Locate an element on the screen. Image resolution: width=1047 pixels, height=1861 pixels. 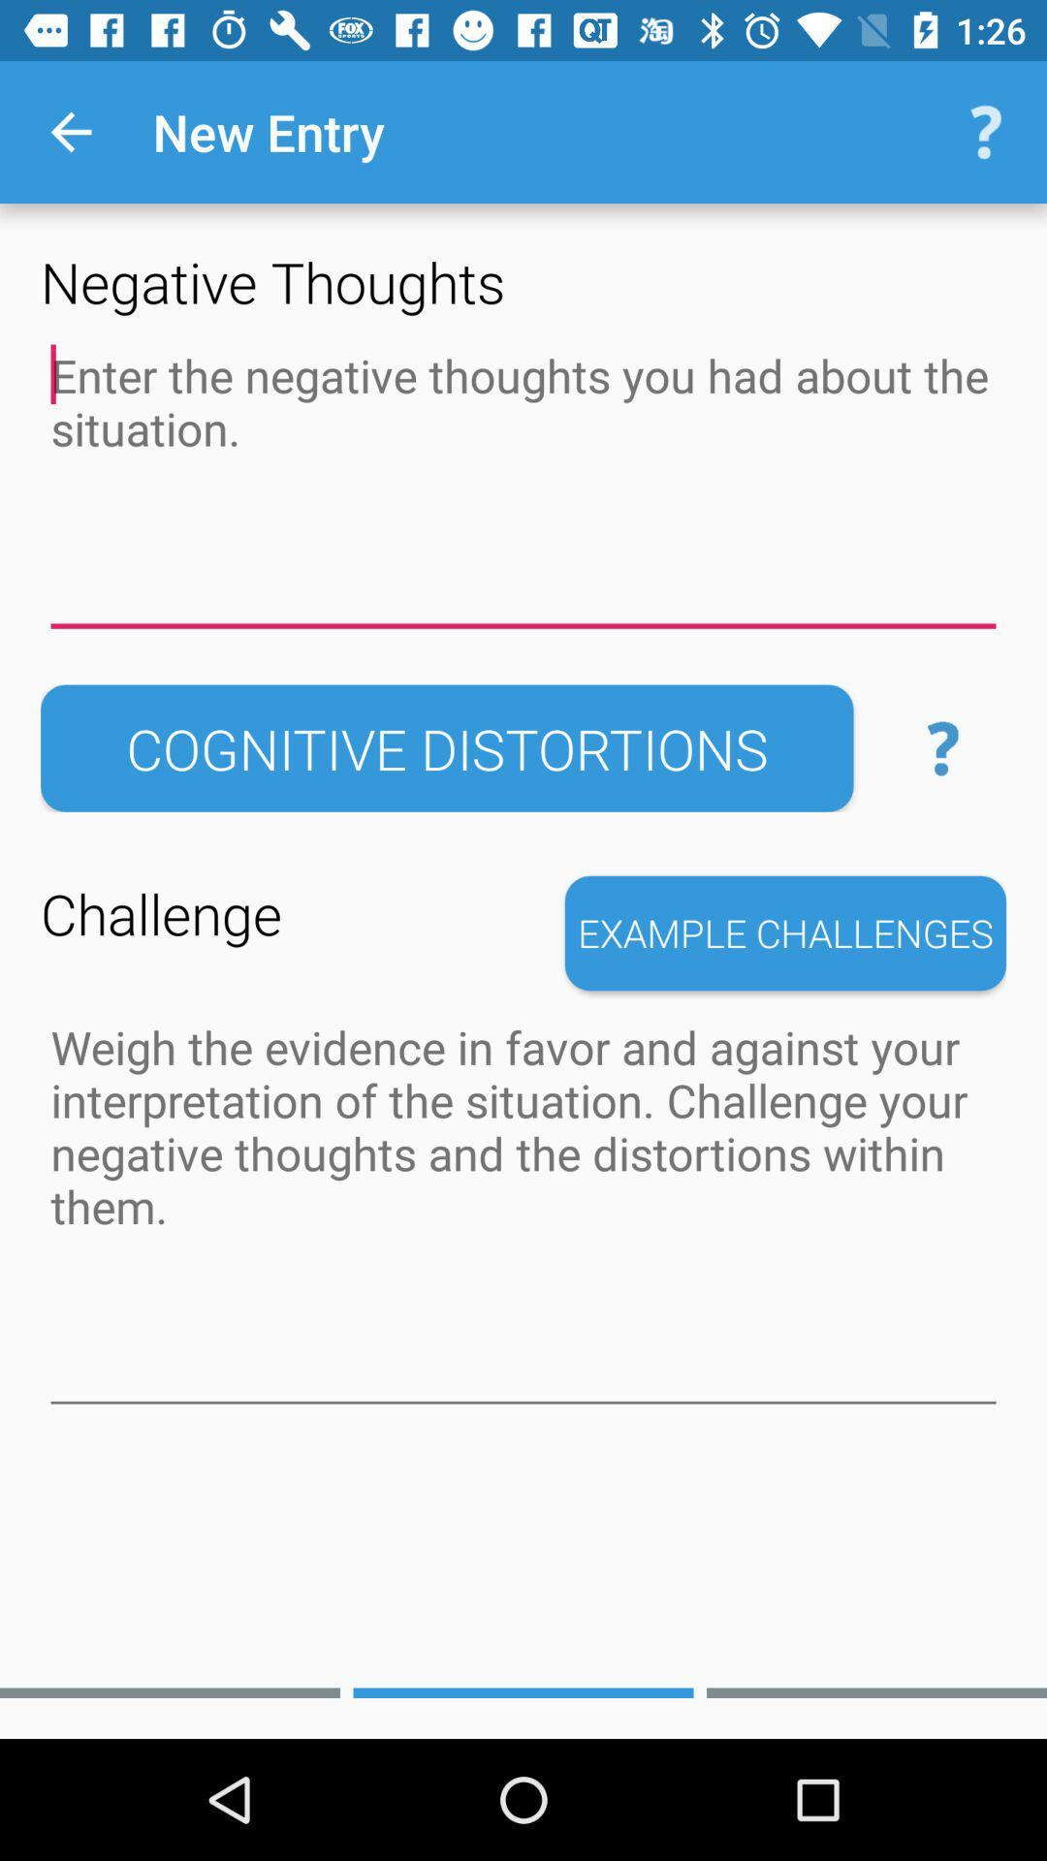
the example challenges icon is located at coordinates (785, 933).